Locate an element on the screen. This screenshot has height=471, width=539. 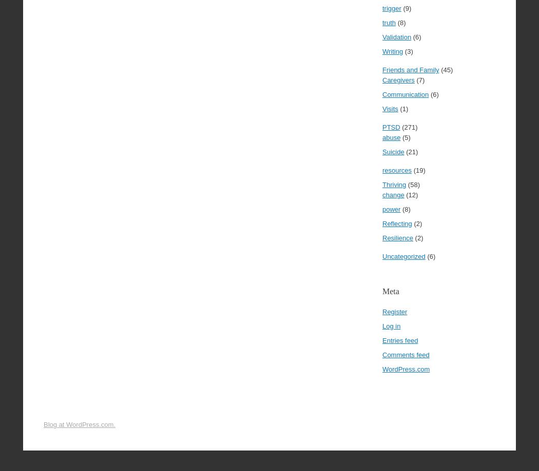
'(12)' is located at coordinates (410, 195).